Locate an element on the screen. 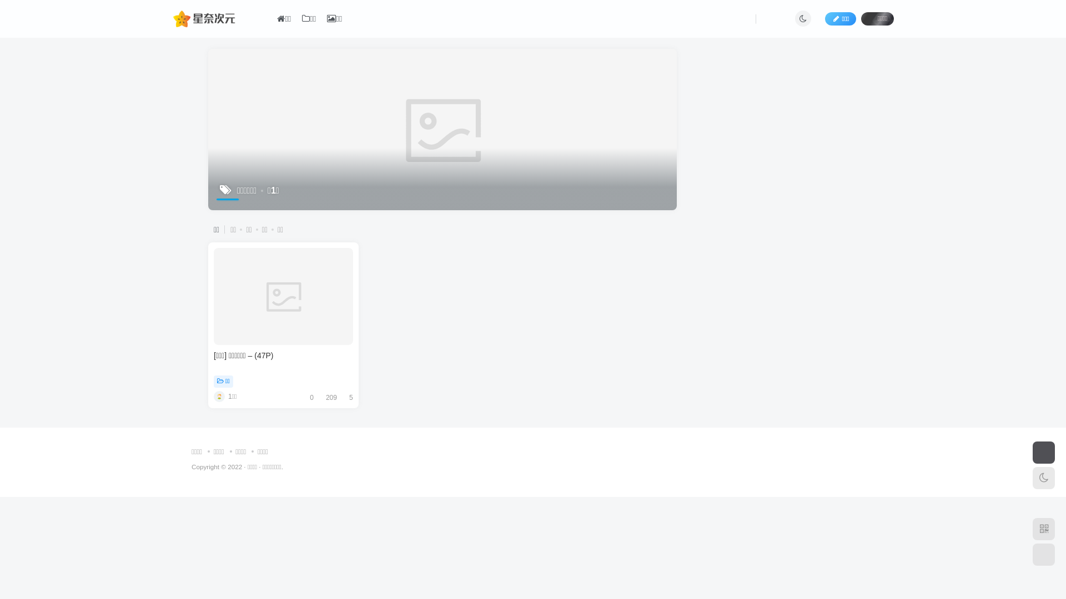  '0' is located at coordinates (301, 397).